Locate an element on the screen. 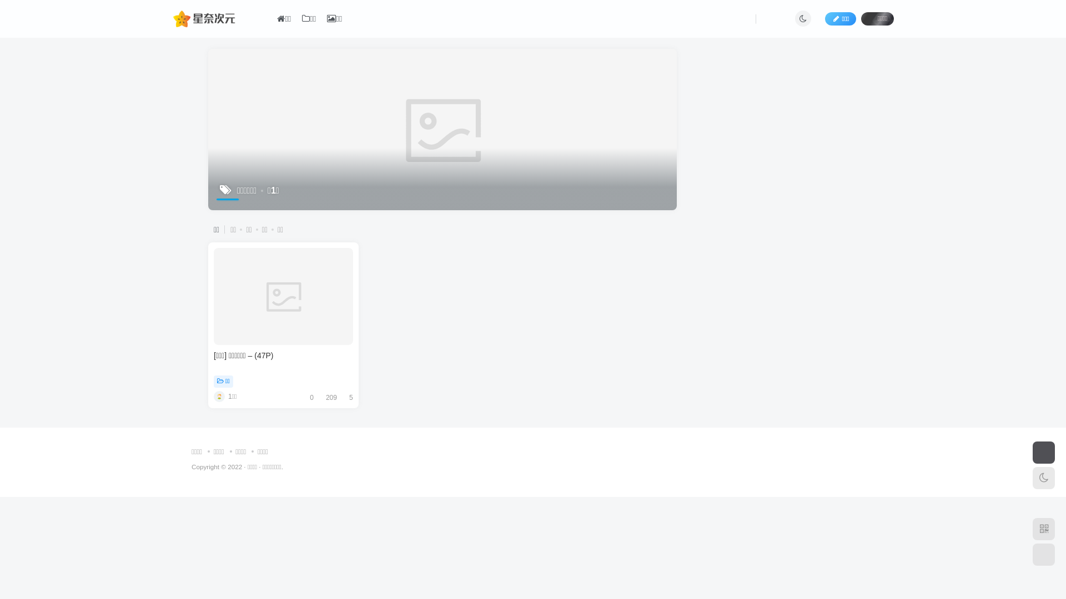  '0' is located at coordinates (301, 397).